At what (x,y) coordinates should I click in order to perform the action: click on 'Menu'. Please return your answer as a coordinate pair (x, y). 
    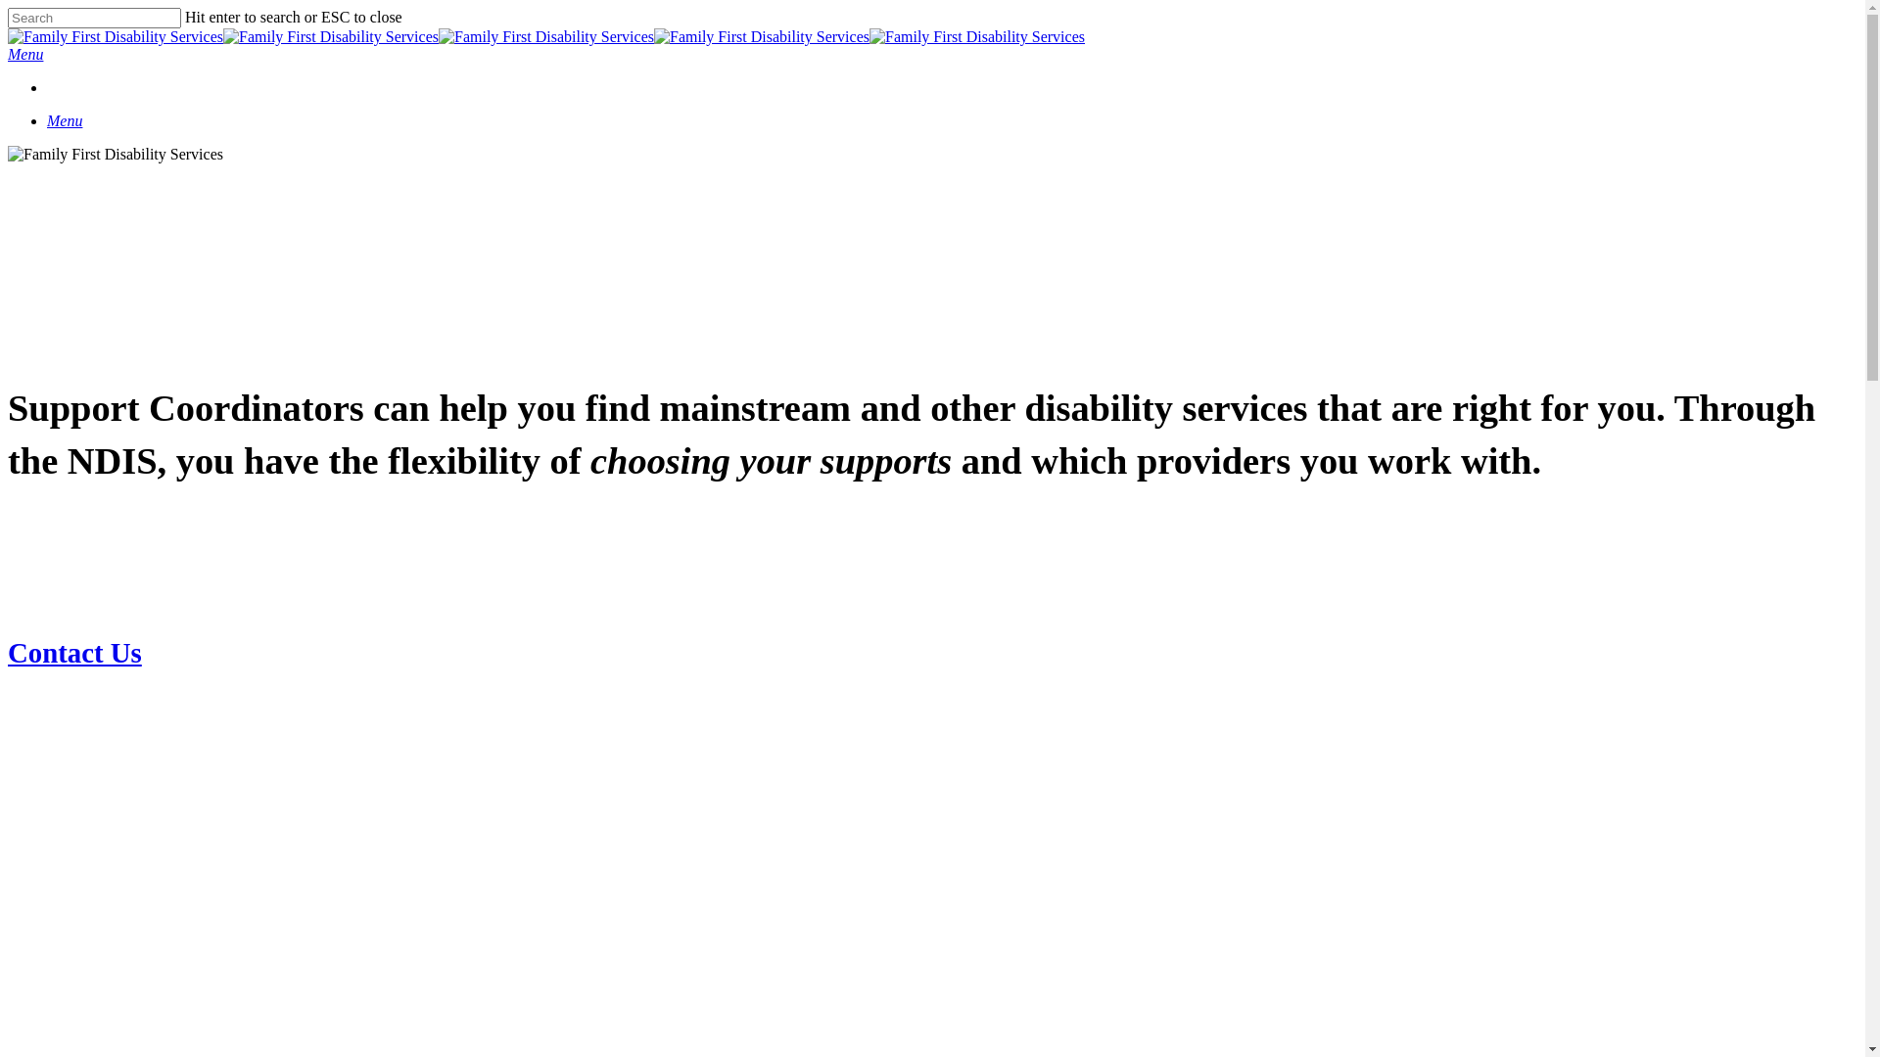
    Looking at the image, I should click on (47, 120).